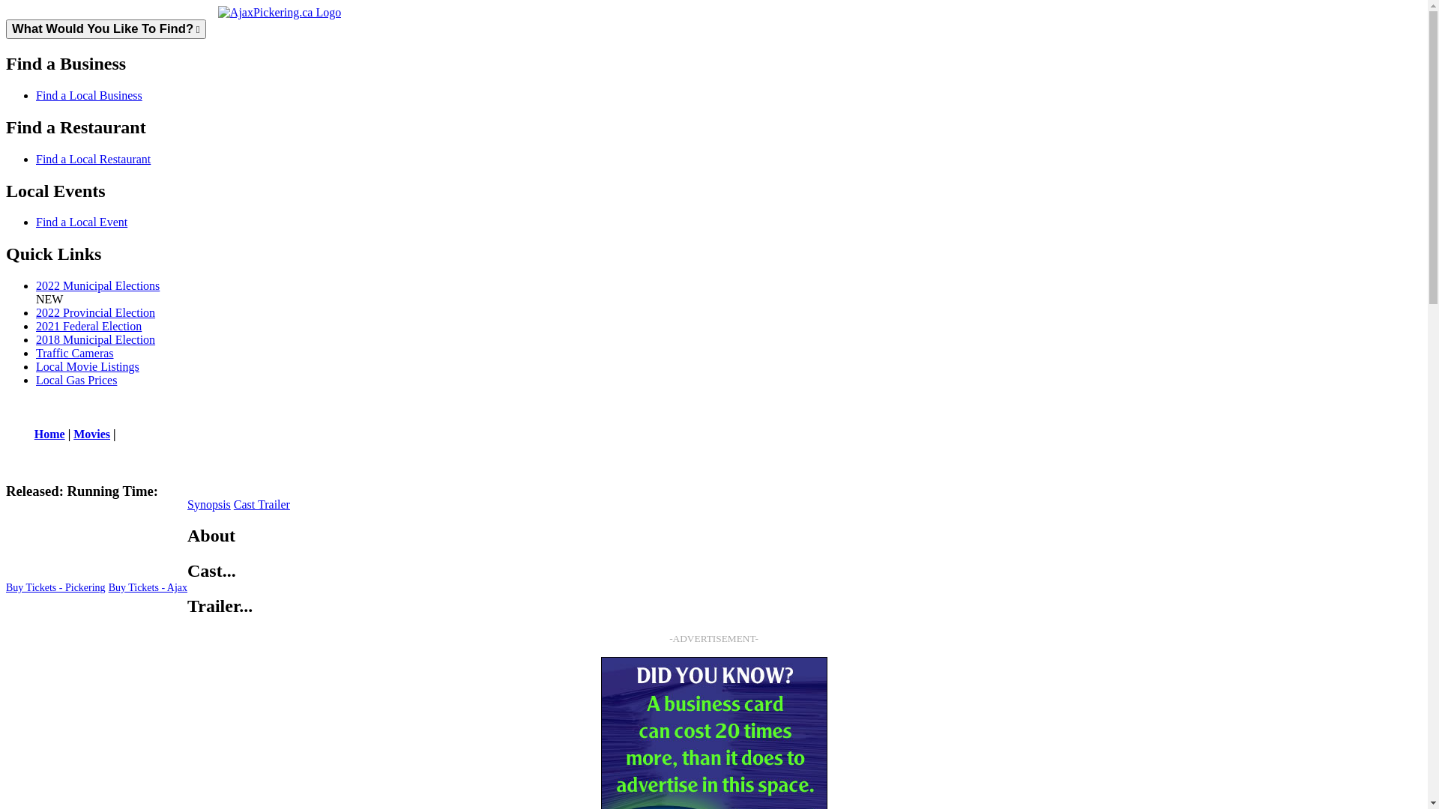 This screenshot has height=809, width=1439. I want to click on 'Movies', so click(91, 434).